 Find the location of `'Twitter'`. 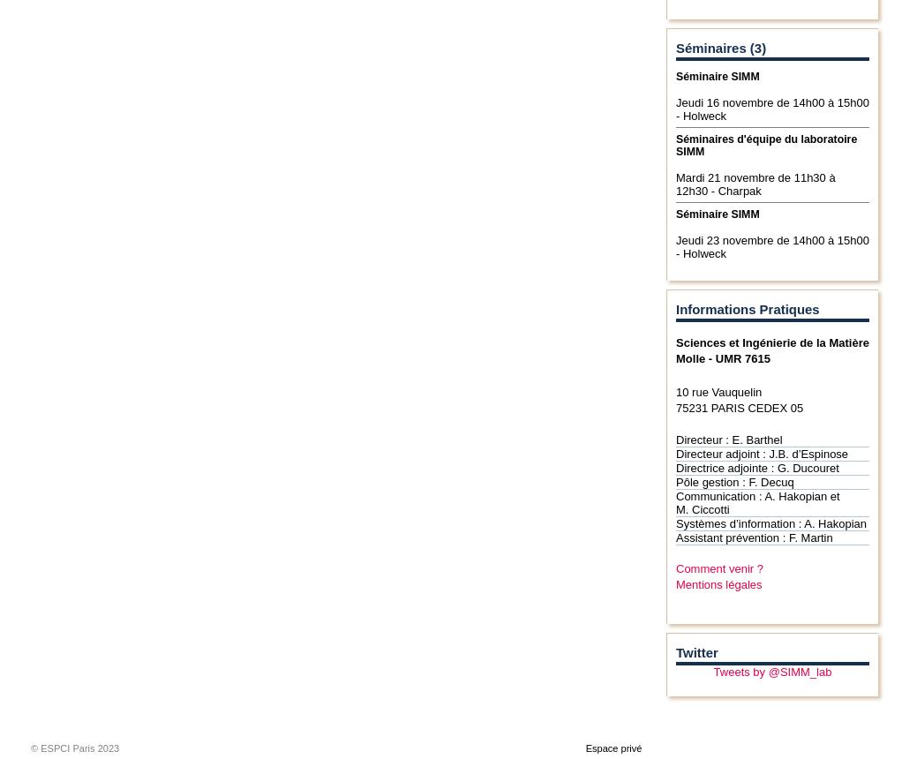

'Twitter' is located at coordinates (696, 650).